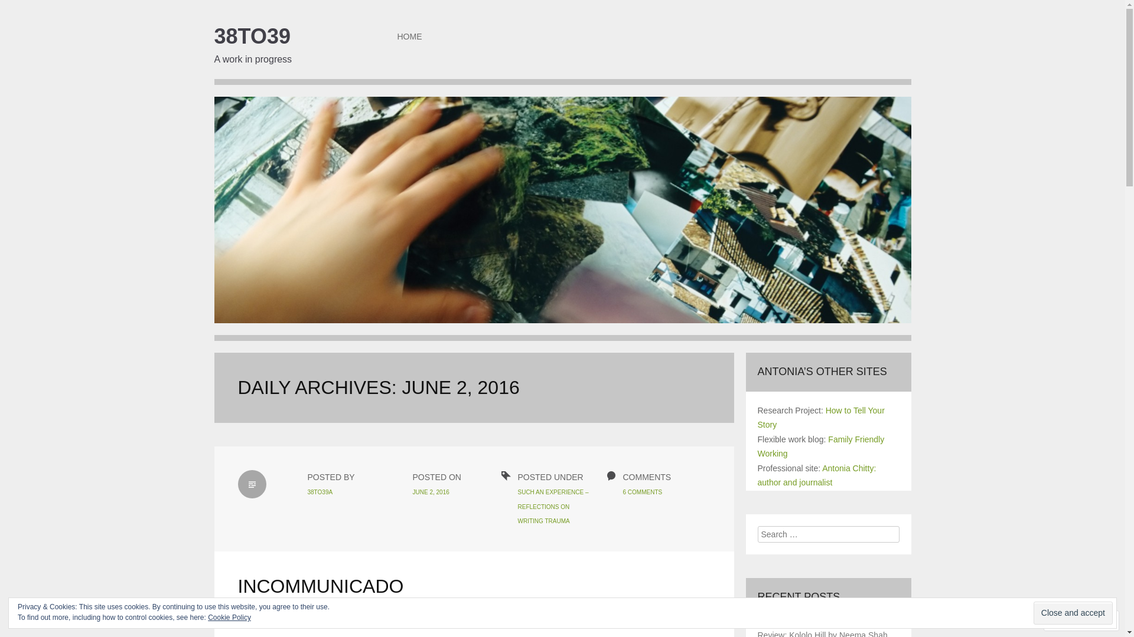 The height and width of the screenshot is (637, 1134). Describe the element at coordinates (1071, 620) in the screenshot. I see `'Follow'` at that location.